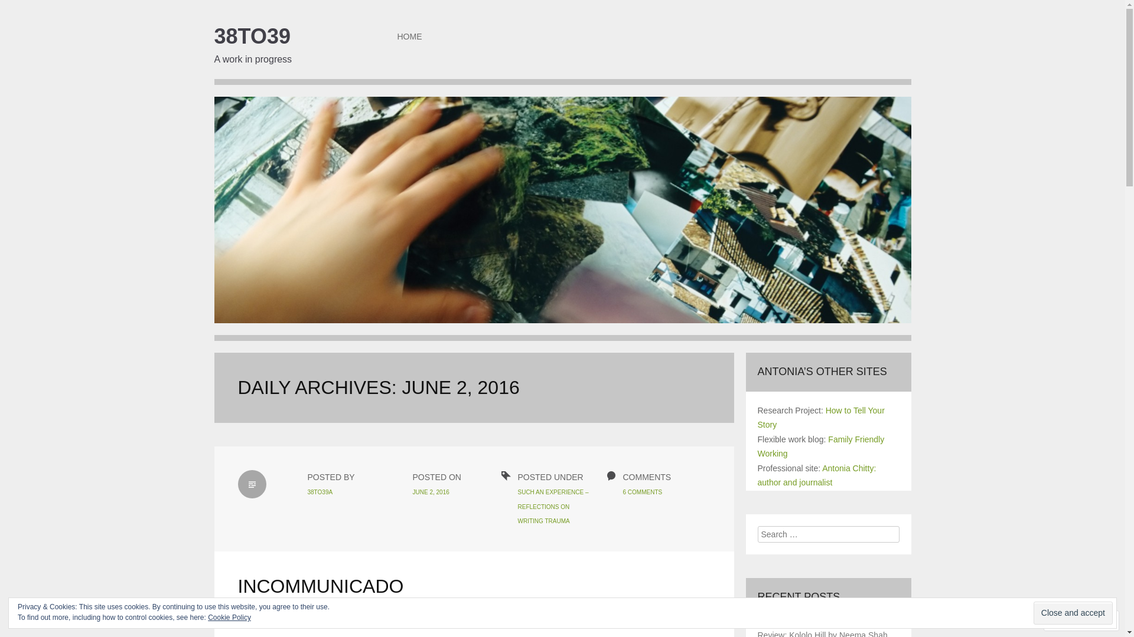 The height and width of the screenshot is (637, 1134). Describe the element at coordinates (1071, 620) in the screenshot. I see `'Follow'` at that location.